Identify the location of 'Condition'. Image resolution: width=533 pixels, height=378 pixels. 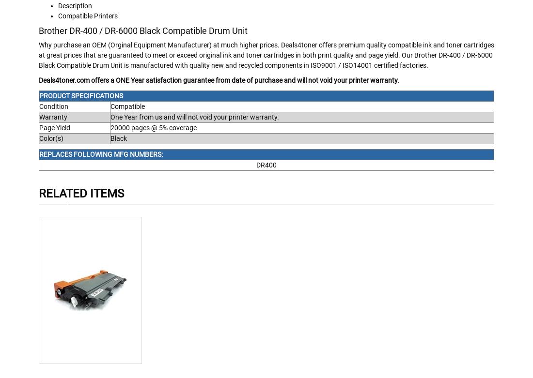
(53, 106).